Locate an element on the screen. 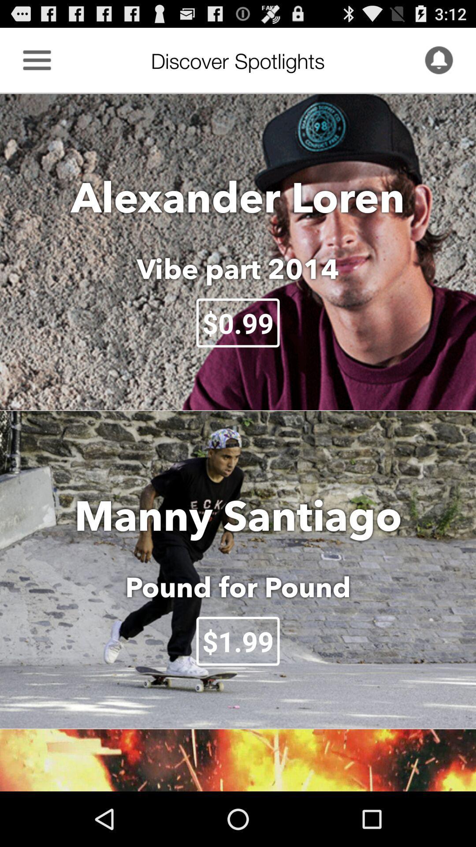 Image resolution: width=476 pixels, height=847 pixels. the item to the left of discover spotlights icon is located at coordinates (37, 60).